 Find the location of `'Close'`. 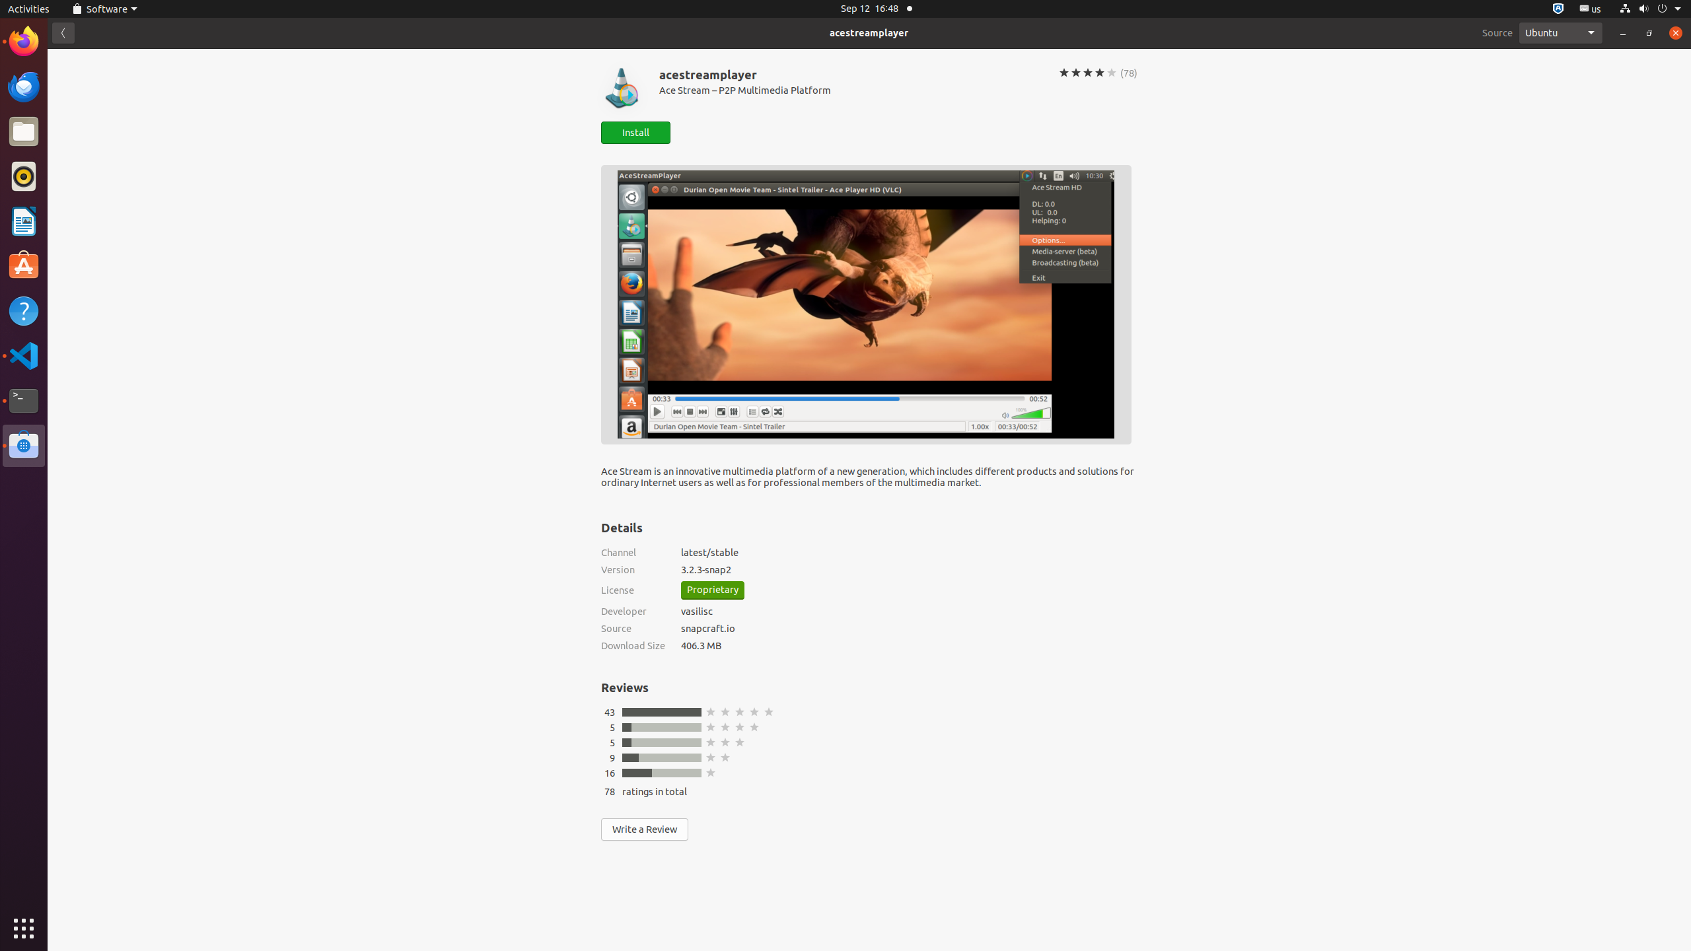

'Close' is located at coordinates (1674, 32).